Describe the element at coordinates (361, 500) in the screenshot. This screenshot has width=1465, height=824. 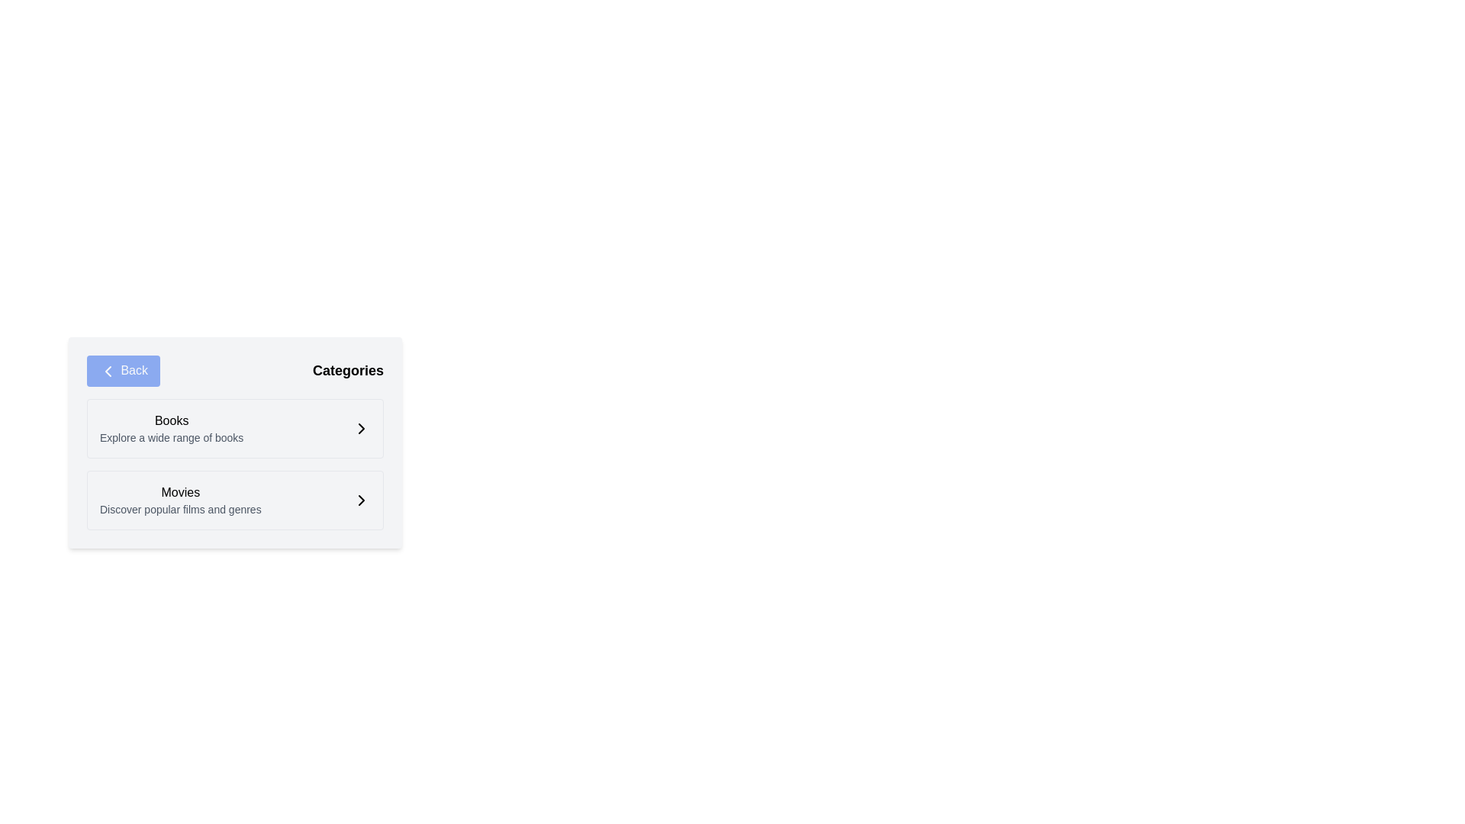
I see `the Icon button (arrow) located in the second row of the content section under 'Categories'` at that location.